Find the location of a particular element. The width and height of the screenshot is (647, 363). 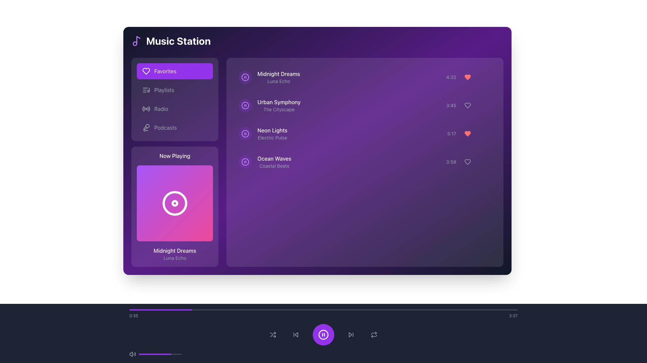

the skip-forward button located on the horizontal control bar at the bottom of the interface is located at coordinates (350, 334).